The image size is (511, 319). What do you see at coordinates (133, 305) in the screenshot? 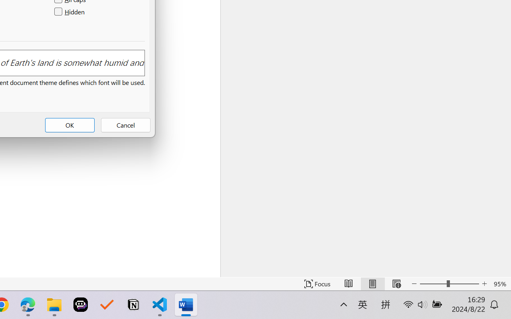
I see `'Notion'` at bounding box center [133, 305].